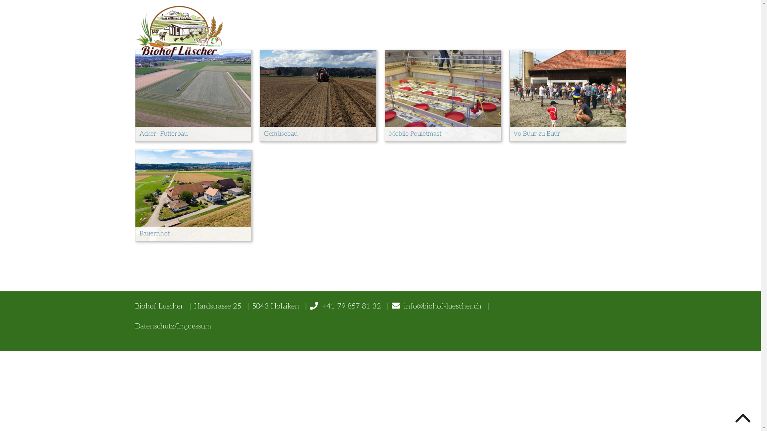  I want to click on 'Bauernhof', so click(193, 195).